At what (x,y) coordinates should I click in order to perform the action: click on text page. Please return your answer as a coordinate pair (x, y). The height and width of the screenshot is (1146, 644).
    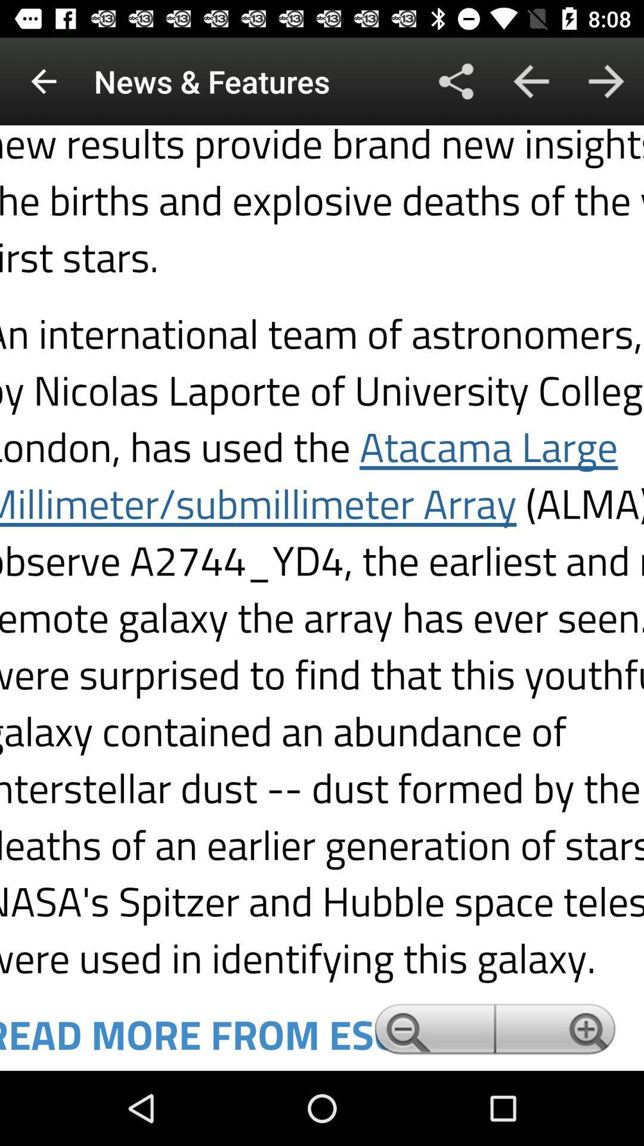
    Looking at the image, I should click on (322, 598).